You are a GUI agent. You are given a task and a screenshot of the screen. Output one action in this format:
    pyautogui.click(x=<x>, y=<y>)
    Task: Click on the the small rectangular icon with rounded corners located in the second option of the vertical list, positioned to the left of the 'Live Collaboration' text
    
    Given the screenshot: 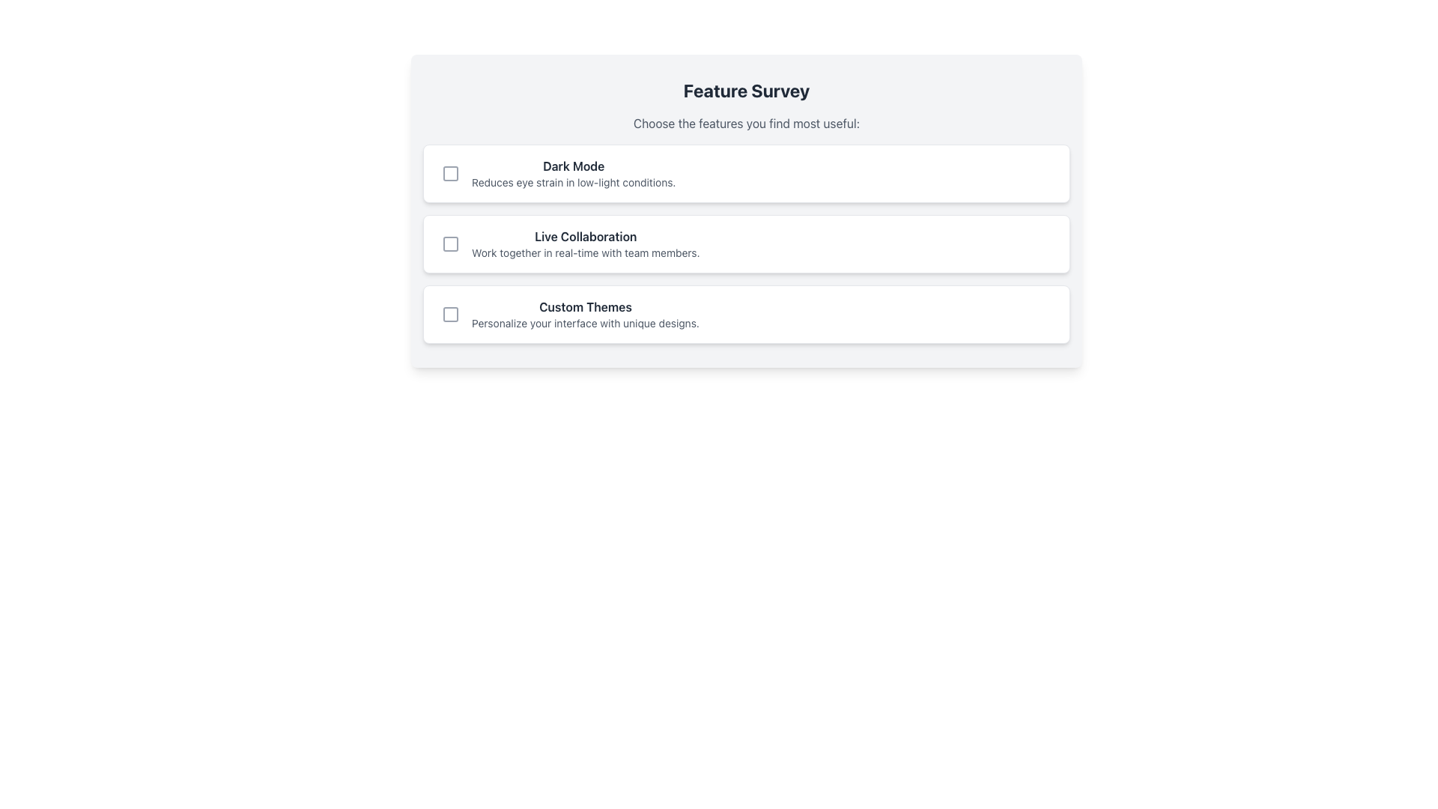 What is the action you would take?
    pyautogui.click(x=449, y=243)
    